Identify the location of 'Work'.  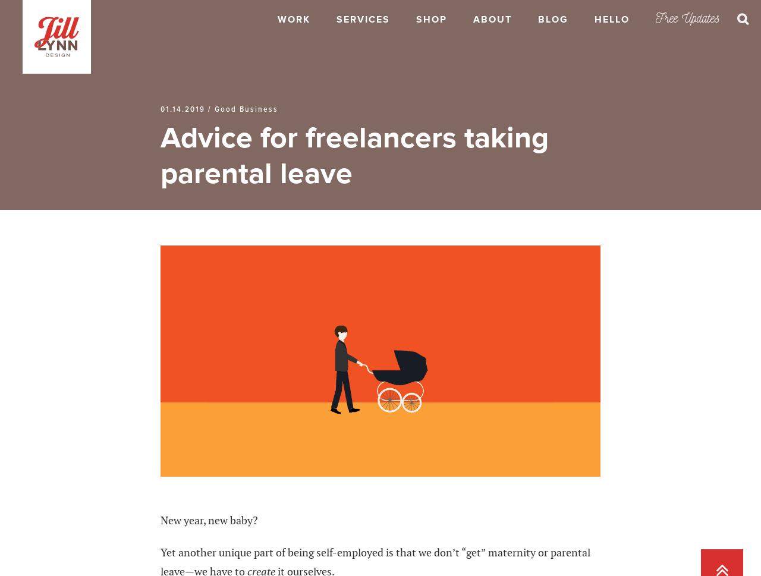
(294, 20).